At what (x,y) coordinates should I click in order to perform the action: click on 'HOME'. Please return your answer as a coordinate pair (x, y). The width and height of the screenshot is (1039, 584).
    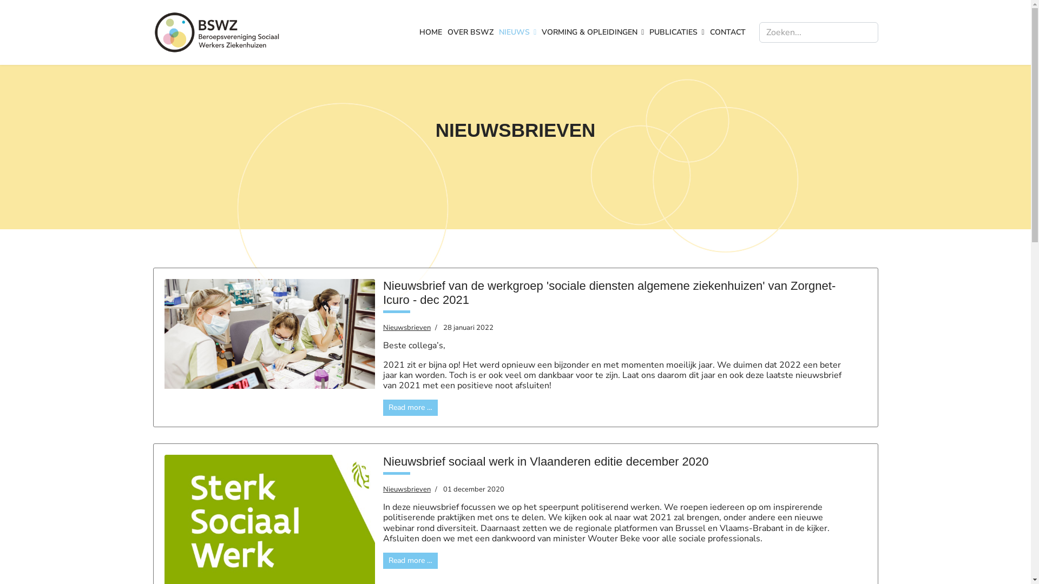
    Looking at the image, I should click on (416, 32).